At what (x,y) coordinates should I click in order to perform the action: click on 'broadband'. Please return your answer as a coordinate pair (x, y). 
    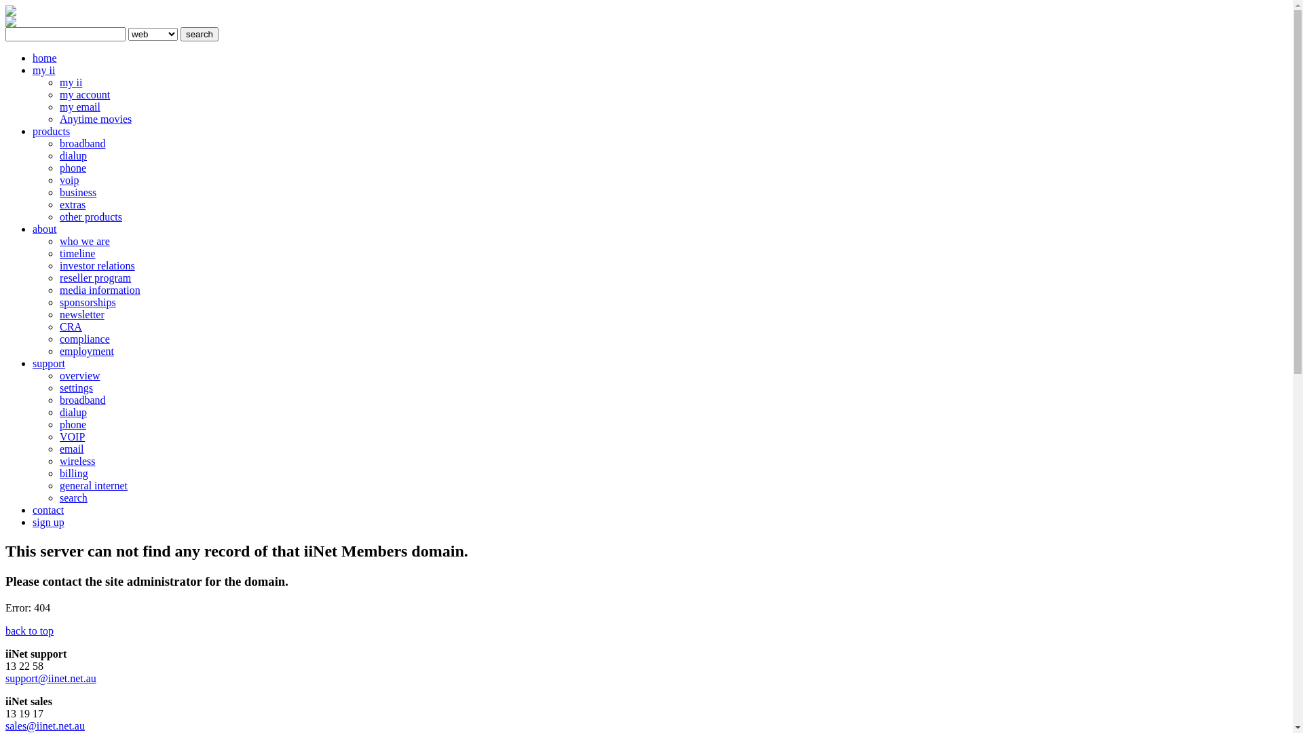
    Looking at the image, I should click on (81, 143).